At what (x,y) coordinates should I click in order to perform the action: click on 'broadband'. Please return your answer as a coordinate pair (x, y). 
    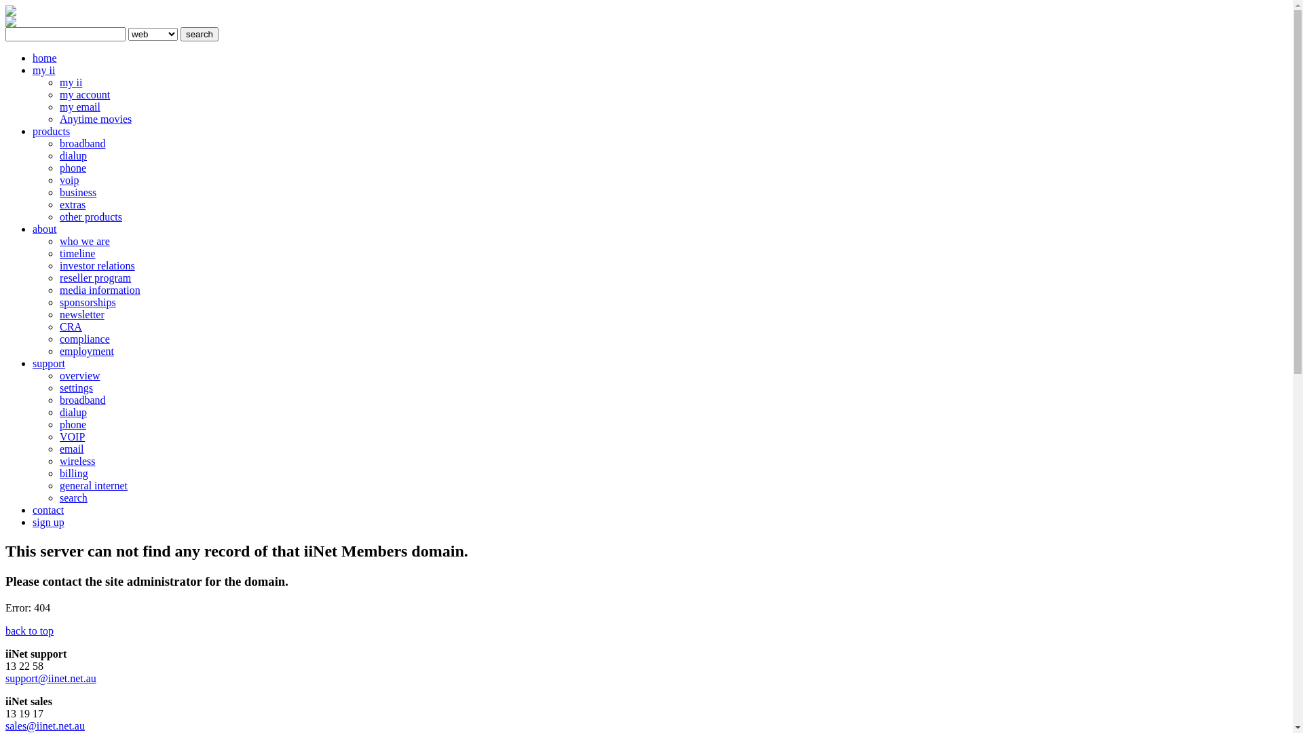
    Looking at the image, I should click on (81, 143).